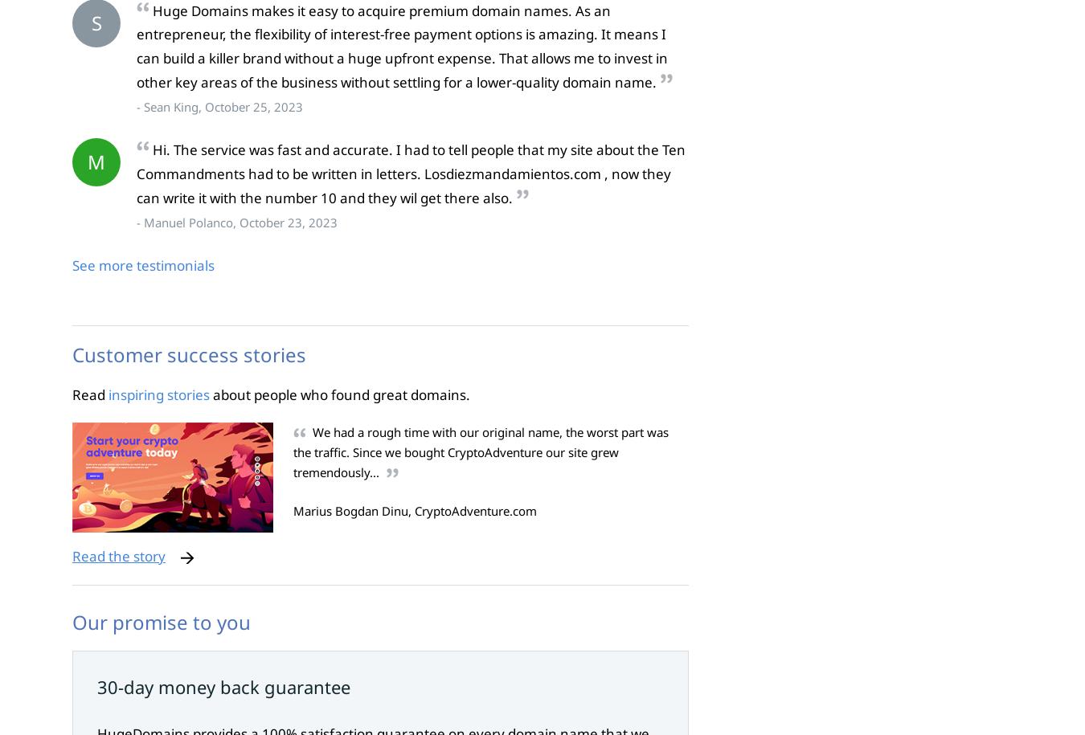  I want to click on 'Marius Bogdan Dinu, CryptoAdventure.com', so click(414, 511).